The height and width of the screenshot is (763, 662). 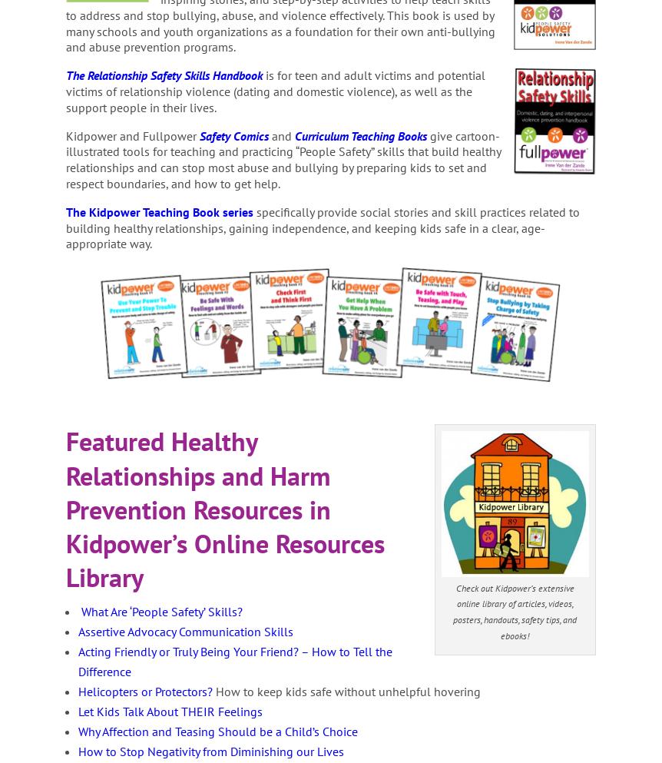 What do you see at coordinates (210, 751) in the screenshot?
I see `'How to Stop Negativity from Diminishing our Lives'` at bounding box center [210, 751].